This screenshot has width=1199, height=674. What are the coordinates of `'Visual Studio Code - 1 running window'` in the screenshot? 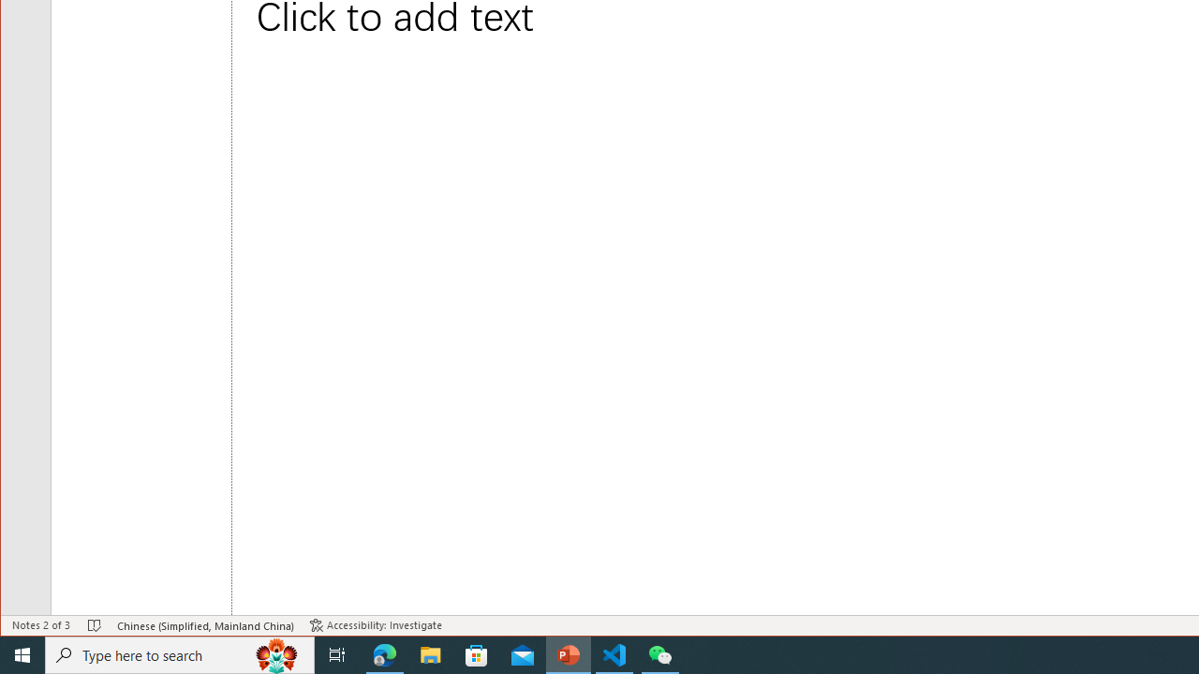 It's located at (614, 653).